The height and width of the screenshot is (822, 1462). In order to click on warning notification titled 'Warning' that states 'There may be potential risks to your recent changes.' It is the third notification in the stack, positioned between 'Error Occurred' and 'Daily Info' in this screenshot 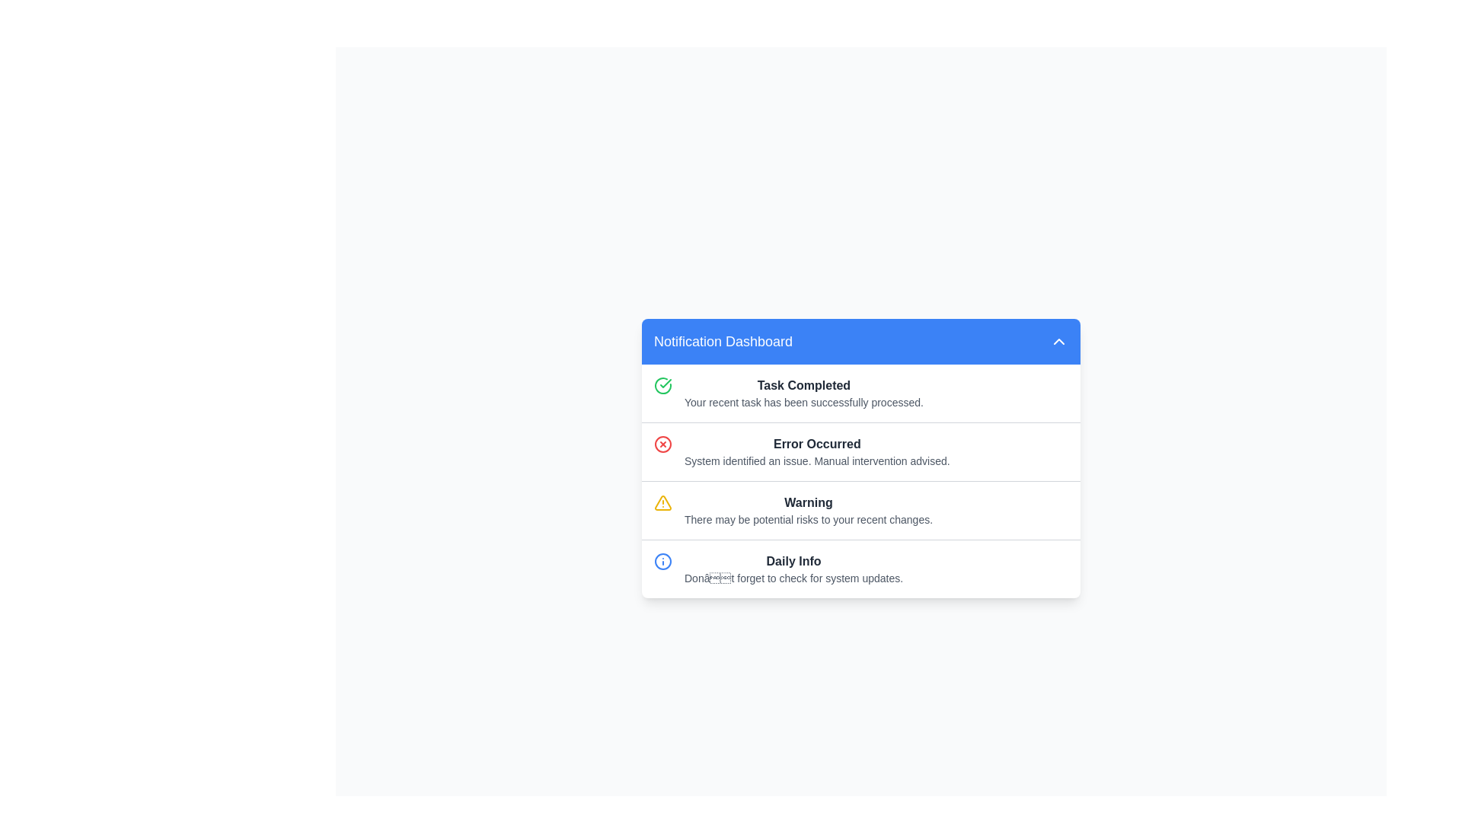, I will do `click(807, 510)`.